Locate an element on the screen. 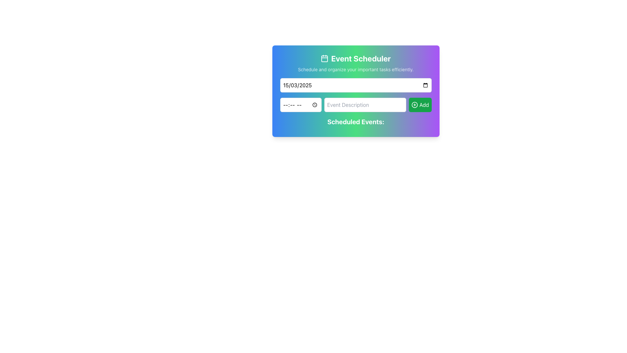 Image resolution: width=627 pixels, height=353 pixels. the green rectangular button labeled 'Add' with a plus icon is located at coordinates (420, 104).